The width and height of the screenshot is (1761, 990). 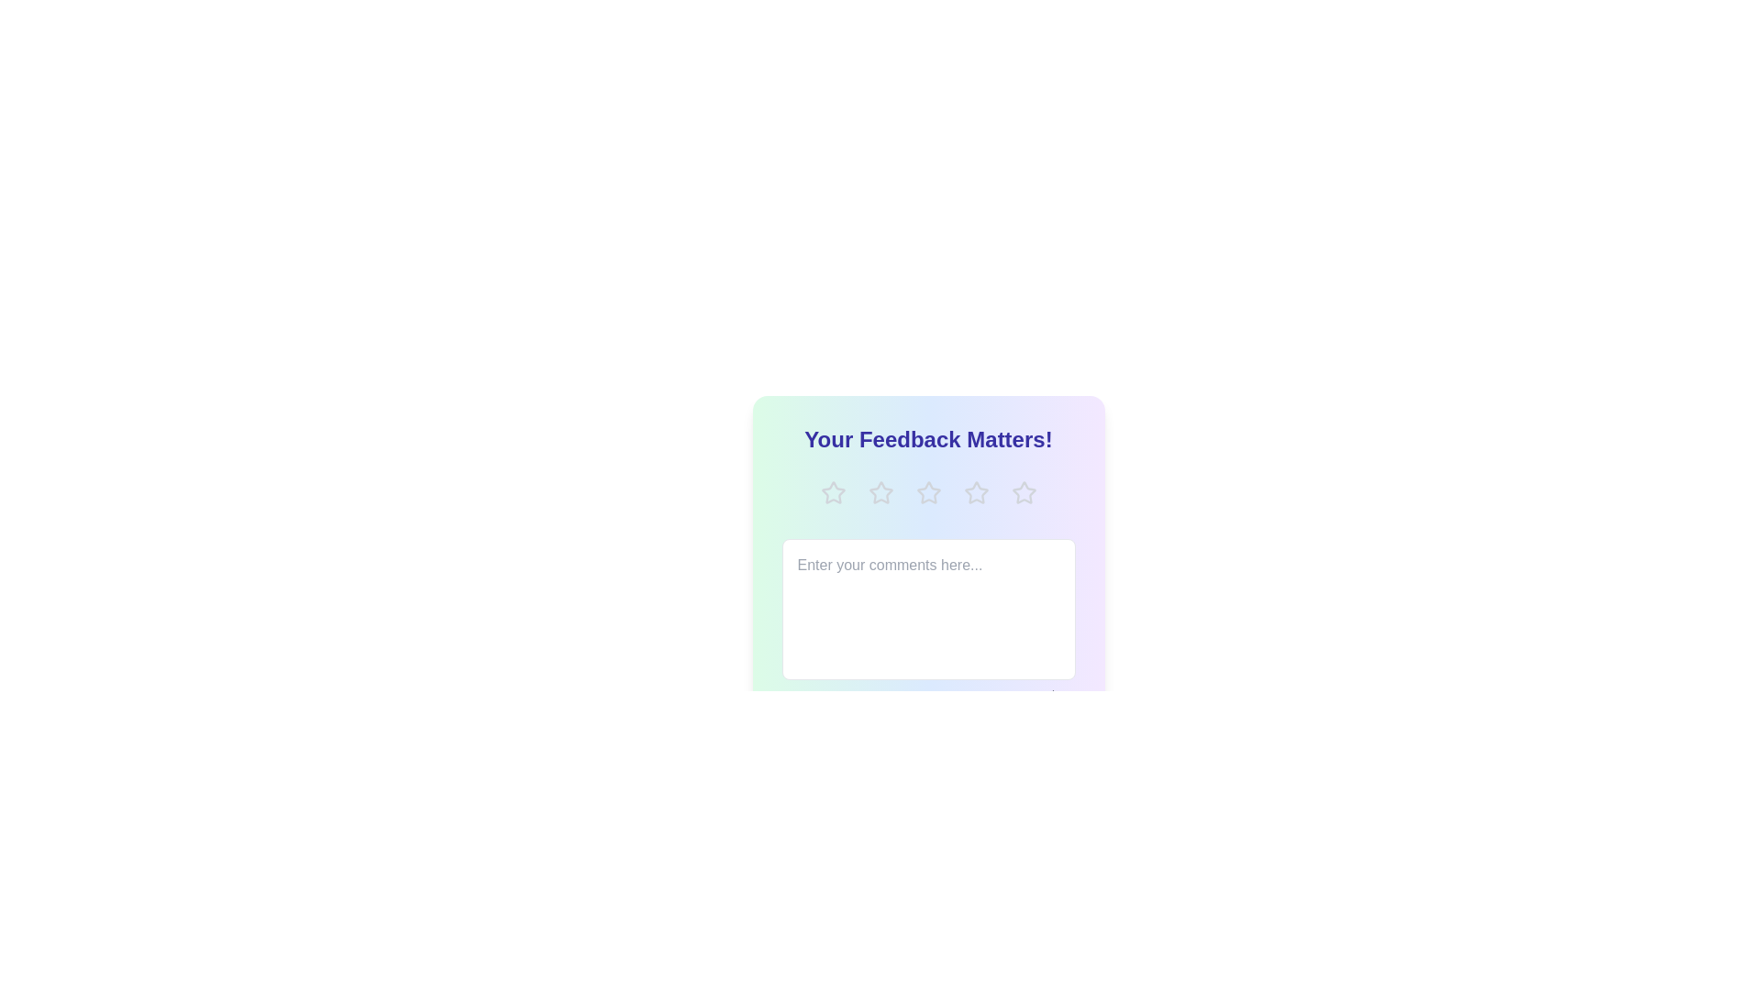 I want to click on the rating to 2 stars by clicking on the corresponding star, so click(x=880, y=491).